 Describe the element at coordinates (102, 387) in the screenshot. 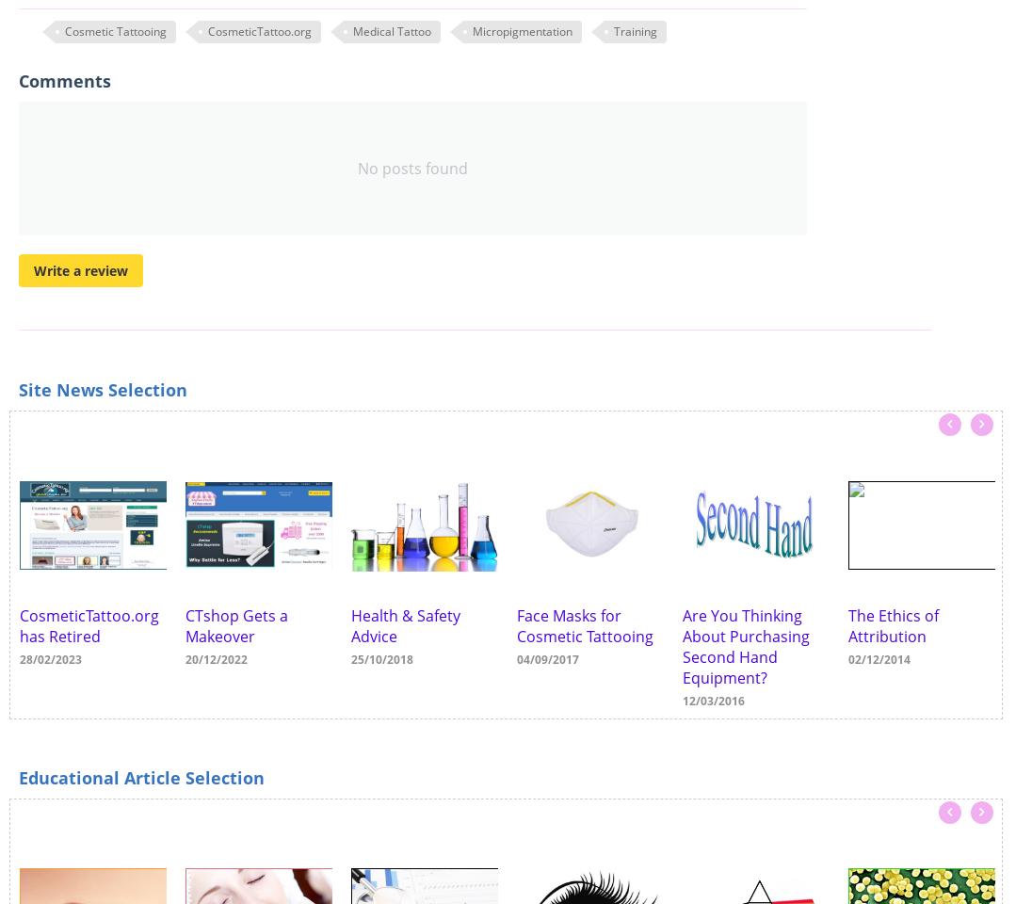

I see `'Site News Selection'` at that location.